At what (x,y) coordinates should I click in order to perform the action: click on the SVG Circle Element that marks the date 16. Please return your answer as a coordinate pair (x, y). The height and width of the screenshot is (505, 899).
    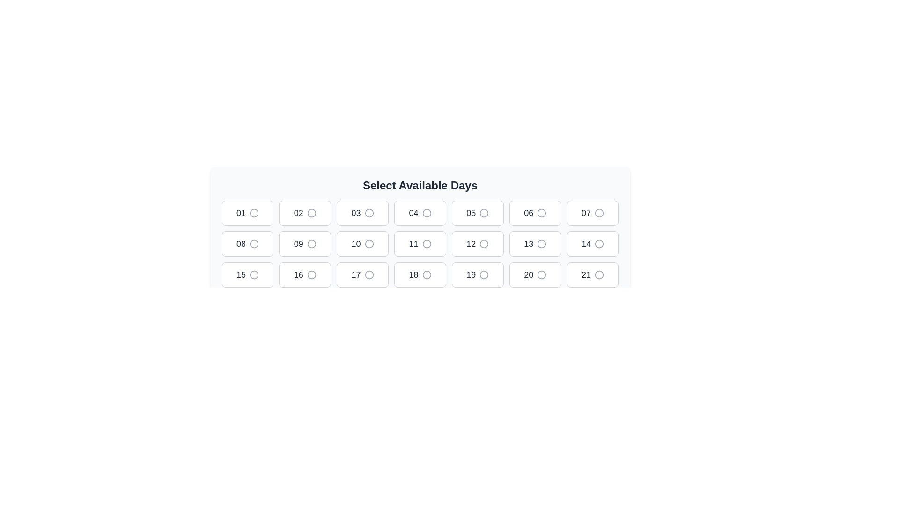
    Looking at the image, I should click on (311, 274).